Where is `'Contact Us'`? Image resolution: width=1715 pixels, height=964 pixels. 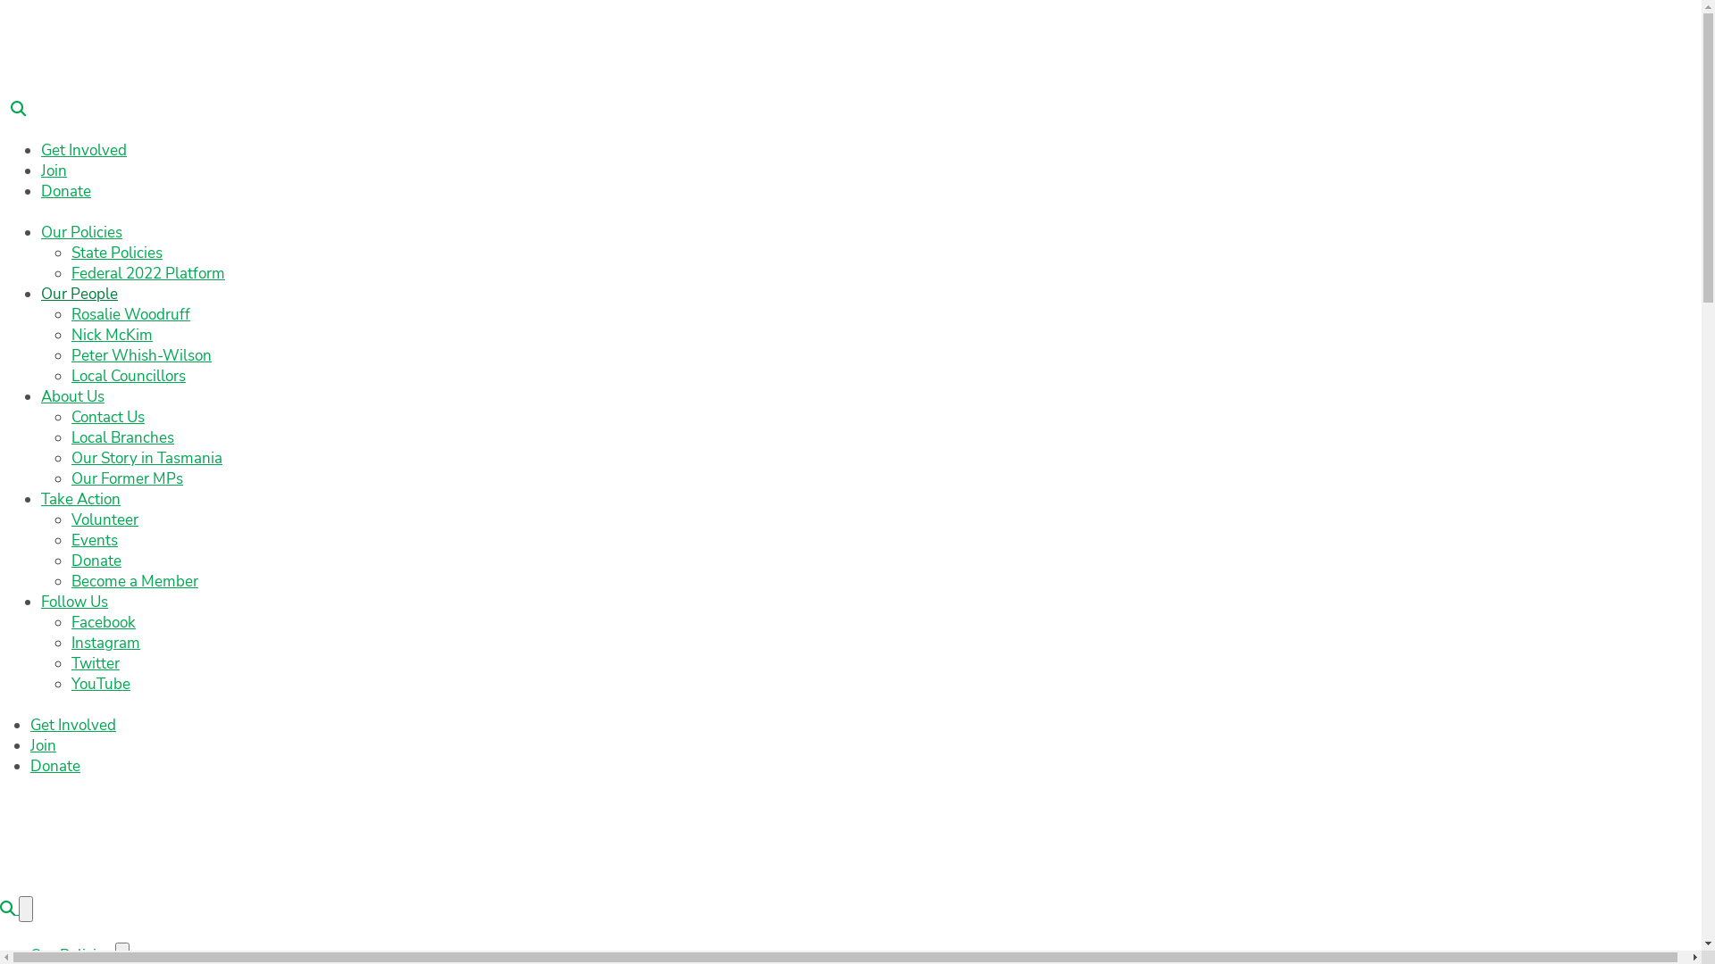 'Contact Us' is located at coordinates (71, 417).